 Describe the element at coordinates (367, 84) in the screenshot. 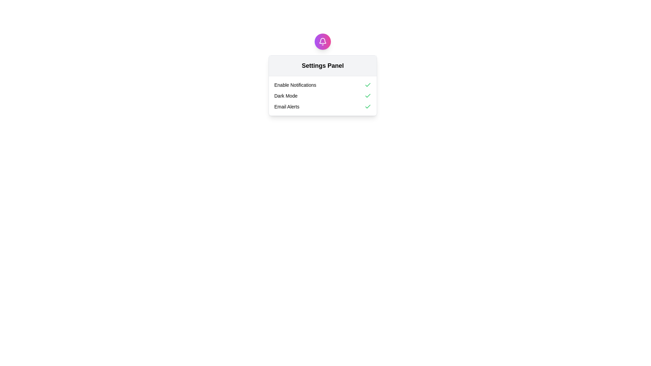

I see `the green checkmark icon located in the third row of the settings panel, to the right of the 'Email Alerts' label` at that location.